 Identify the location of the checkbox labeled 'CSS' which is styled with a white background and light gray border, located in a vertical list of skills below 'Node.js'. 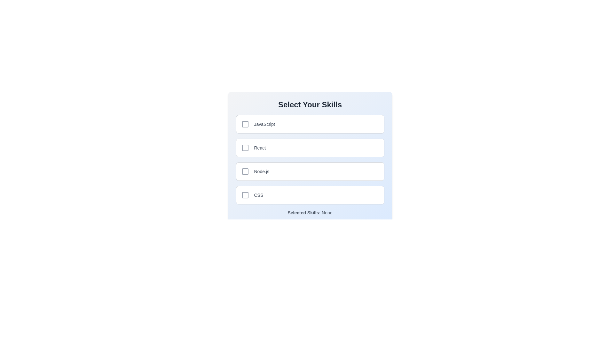
(310, 195).